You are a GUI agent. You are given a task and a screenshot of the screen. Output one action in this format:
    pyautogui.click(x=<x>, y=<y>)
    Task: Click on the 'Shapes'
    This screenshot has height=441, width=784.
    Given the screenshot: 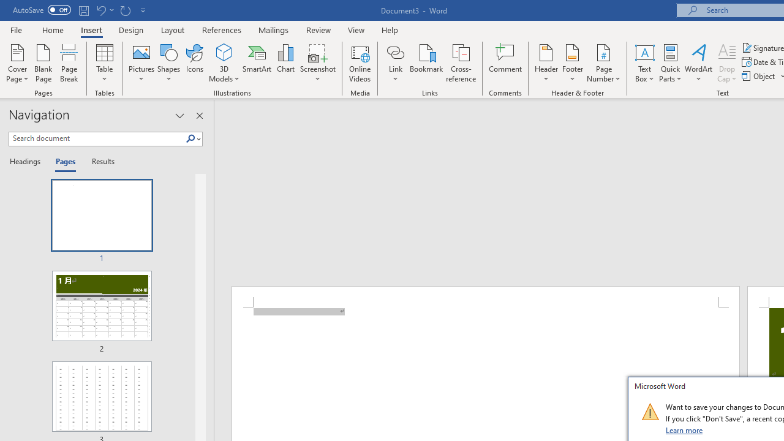 What is the action you would take?
    pyautogui.click(x=168, y=63)
    